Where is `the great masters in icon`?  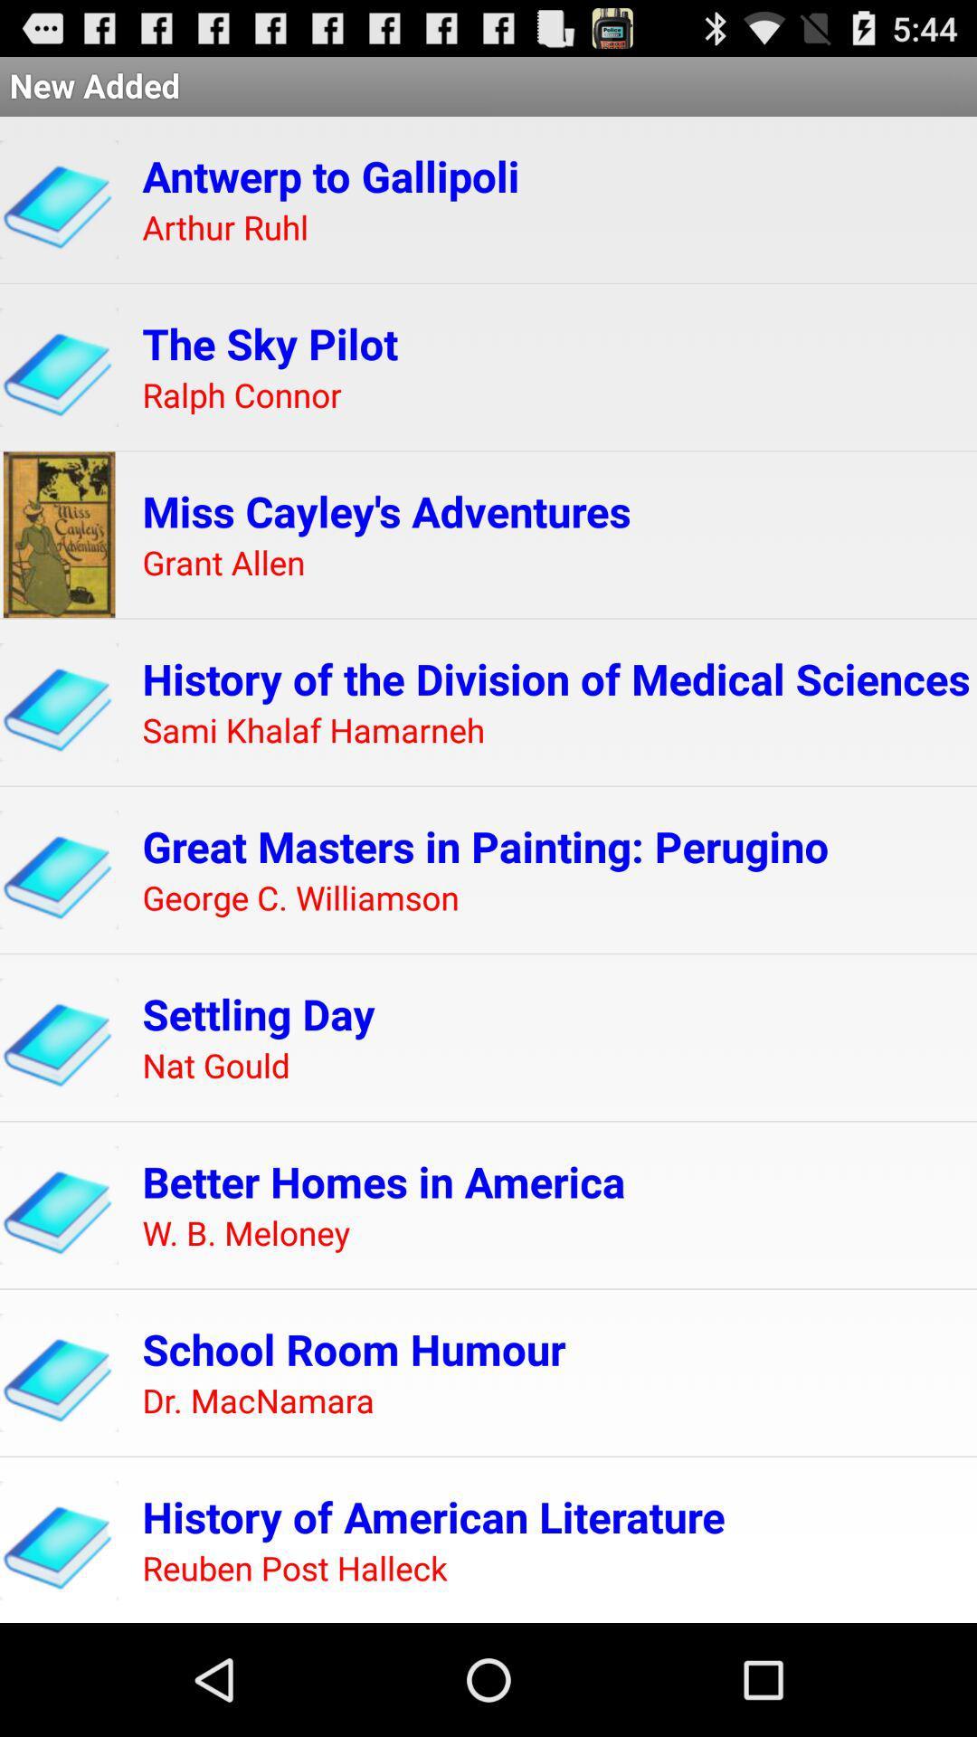 the great masters in icon is located at coordinates (484, 845).